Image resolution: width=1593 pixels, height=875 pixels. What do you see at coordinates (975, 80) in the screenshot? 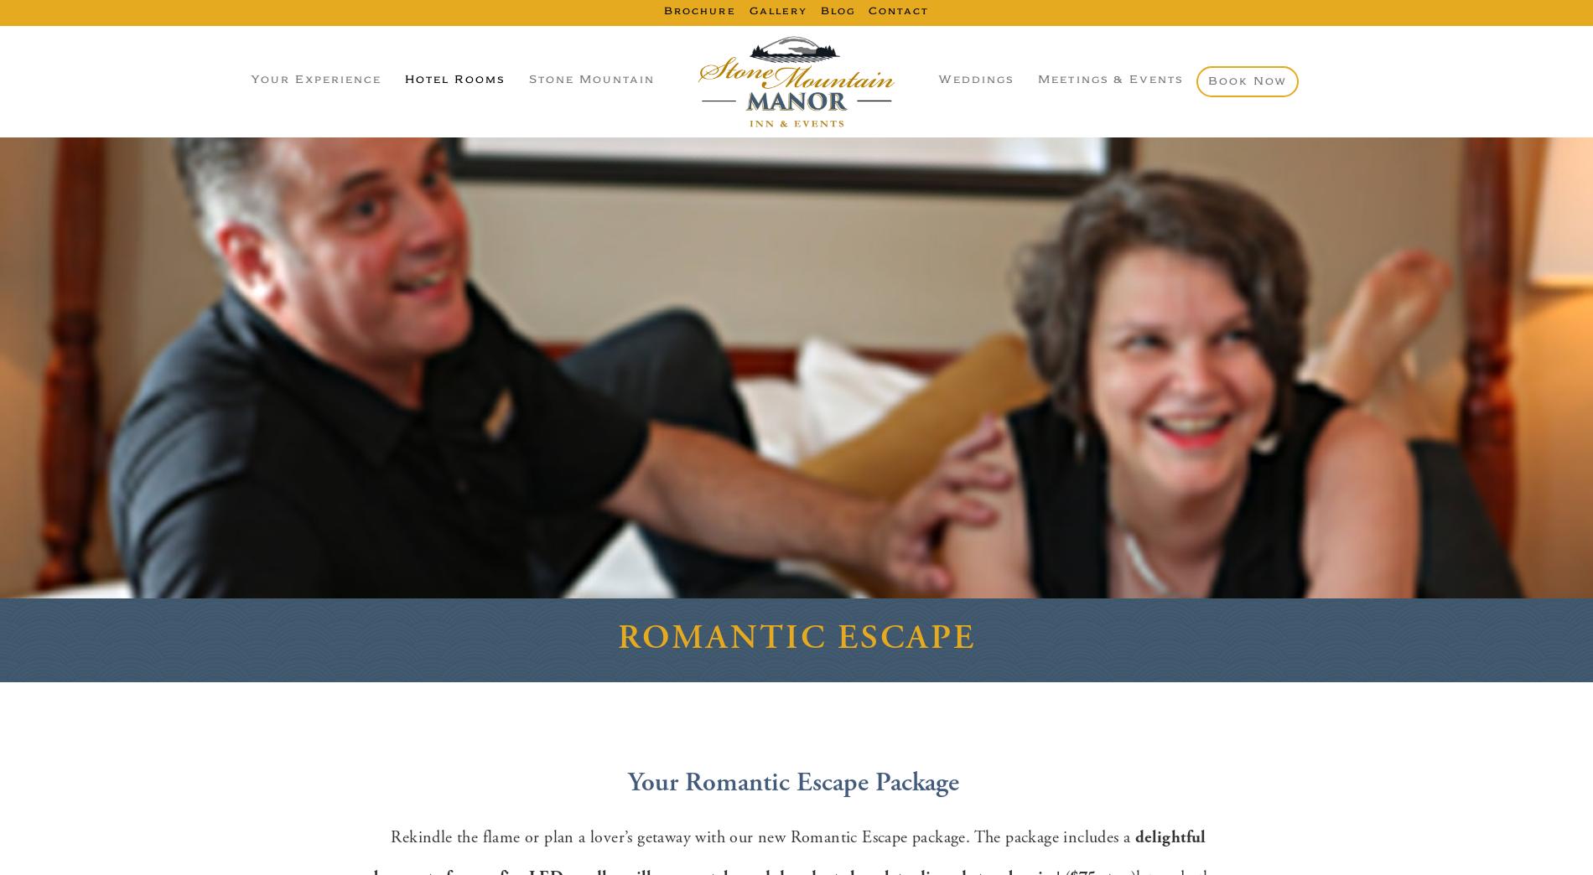
I see `'Weddings'` at bounding box center [975, 80].